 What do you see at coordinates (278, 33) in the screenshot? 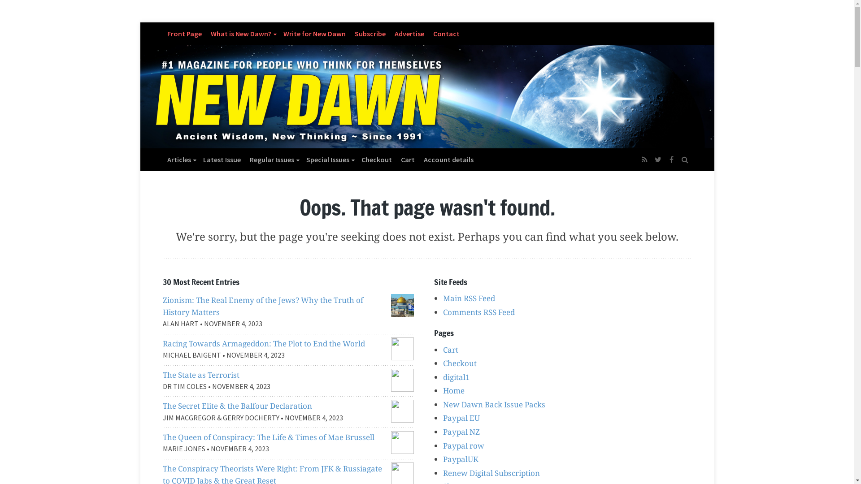
I see `'Write for New Dawn'` at bounding box center [278, 33].